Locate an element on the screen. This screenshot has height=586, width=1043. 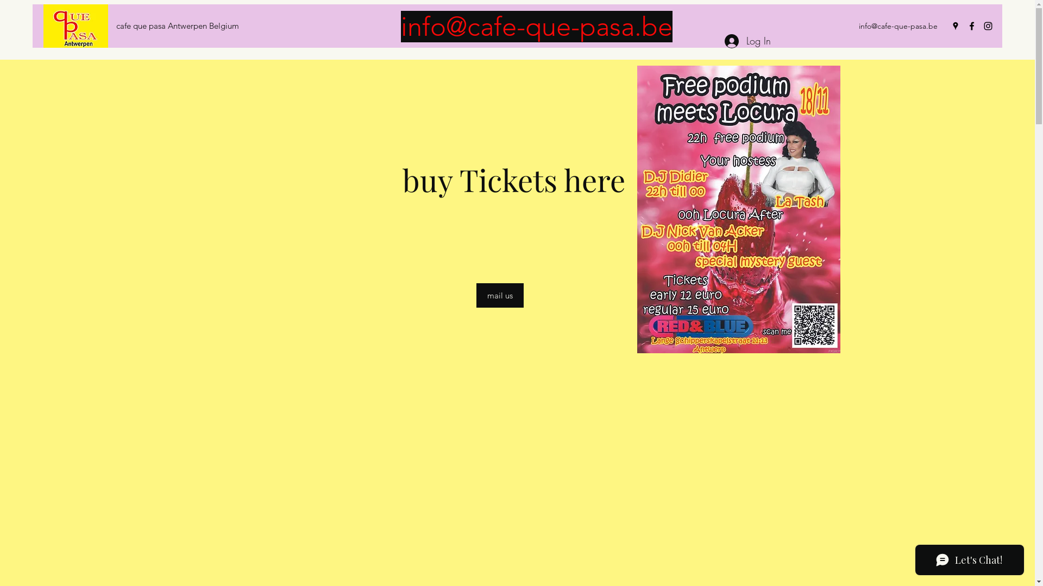
'info@cafe-que-pasa.be' is located at coordinates (537, 26).